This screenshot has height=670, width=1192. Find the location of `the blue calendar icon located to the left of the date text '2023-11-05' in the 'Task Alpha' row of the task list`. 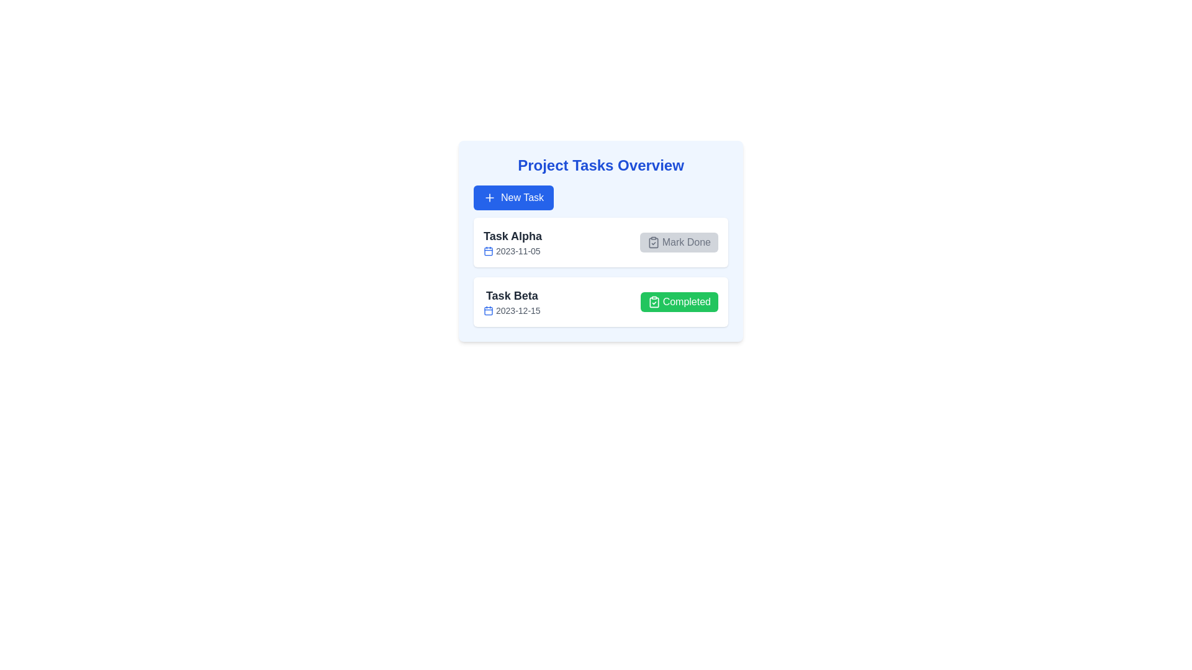

the blue calendar icon located to the left of the date text '2023-11-05' in the 'Task Alpha' row of the task list is located at coordinates (488, 251).